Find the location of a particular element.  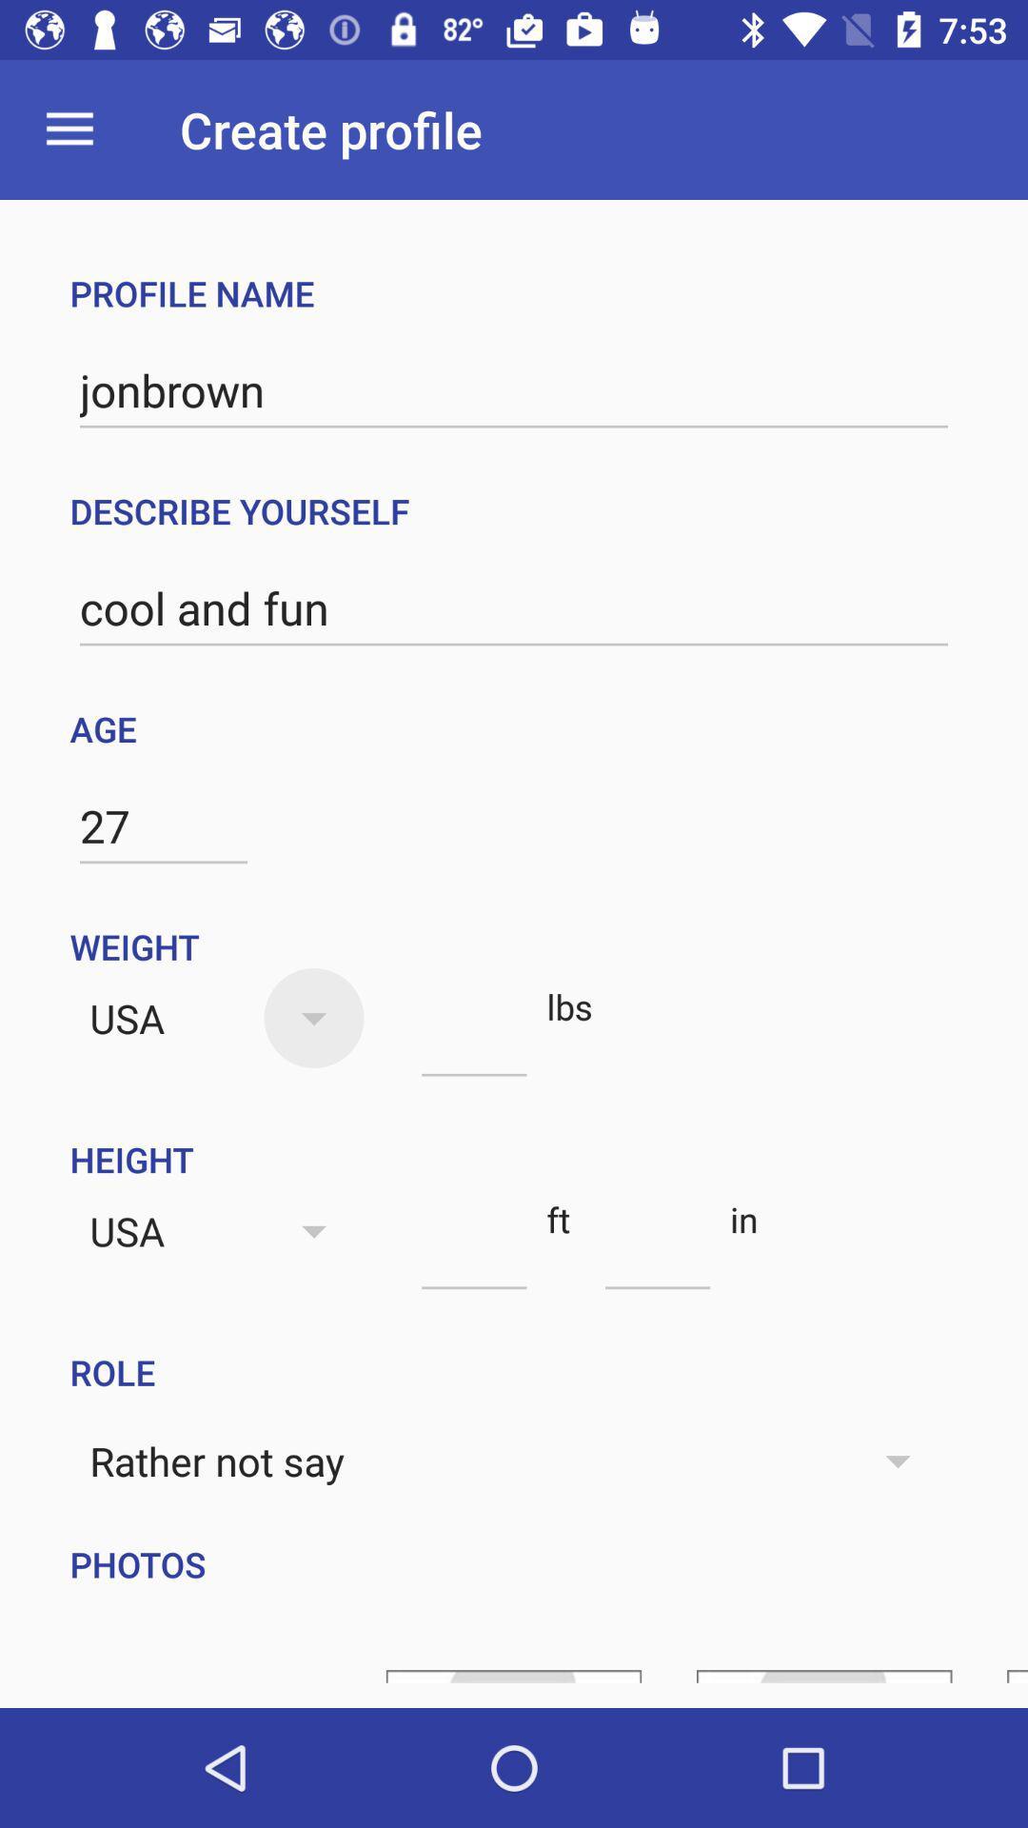

number of inches is located at coordinates (657, 1255).